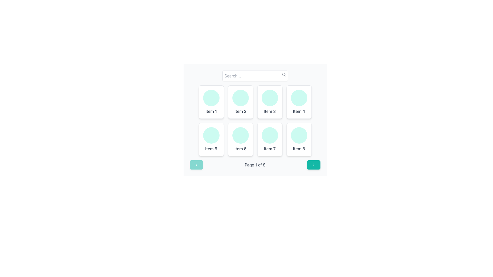 The image size is (493, 277). Describe the element at coordinates (240, 111) in the screenshot. I see `the 'Item 2' text label, which represents the second item in the grid, located below a circular icon within the second card of a 2x4 grid structure` at that location.